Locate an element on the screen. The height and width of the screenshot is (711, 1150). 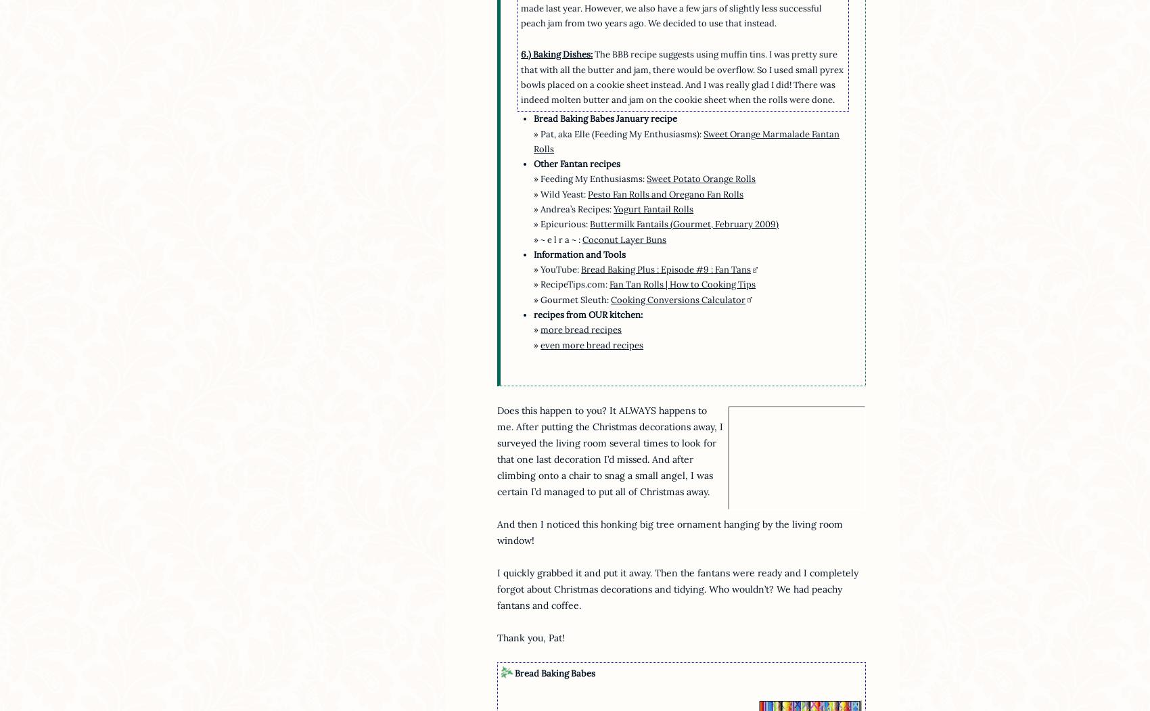
'Bread Baking Plus : Episode #9 : Fan Tans' is located at coordinates (665, 269).